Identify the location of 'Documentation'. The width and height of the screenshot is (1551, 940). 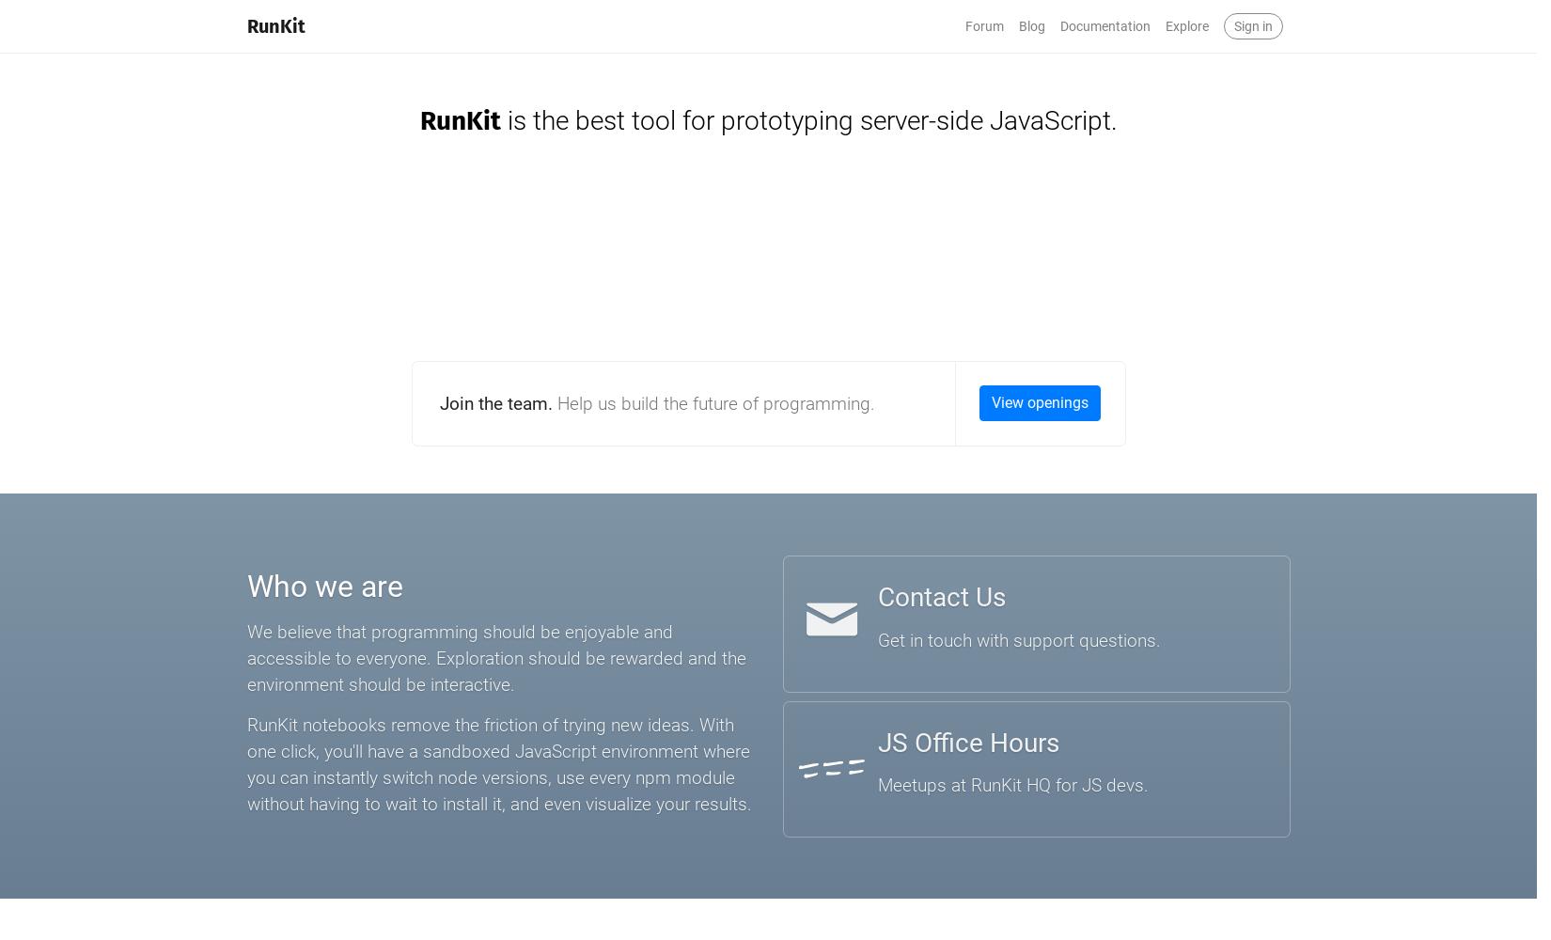
(1058, 25).